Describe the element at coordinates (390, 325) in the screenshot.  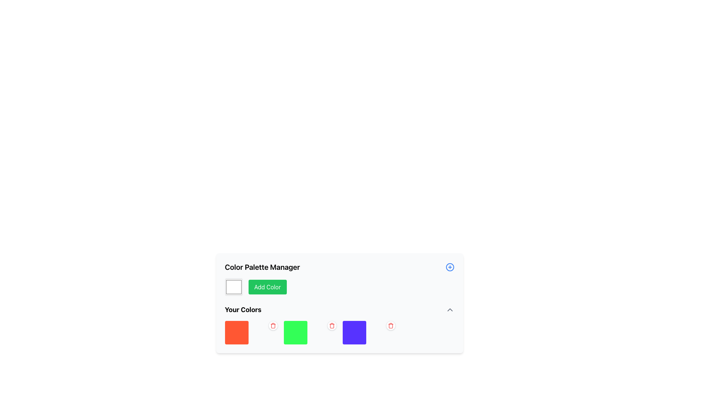
I see `the red trash can icon located directly to the right of the purple color box` at that location.